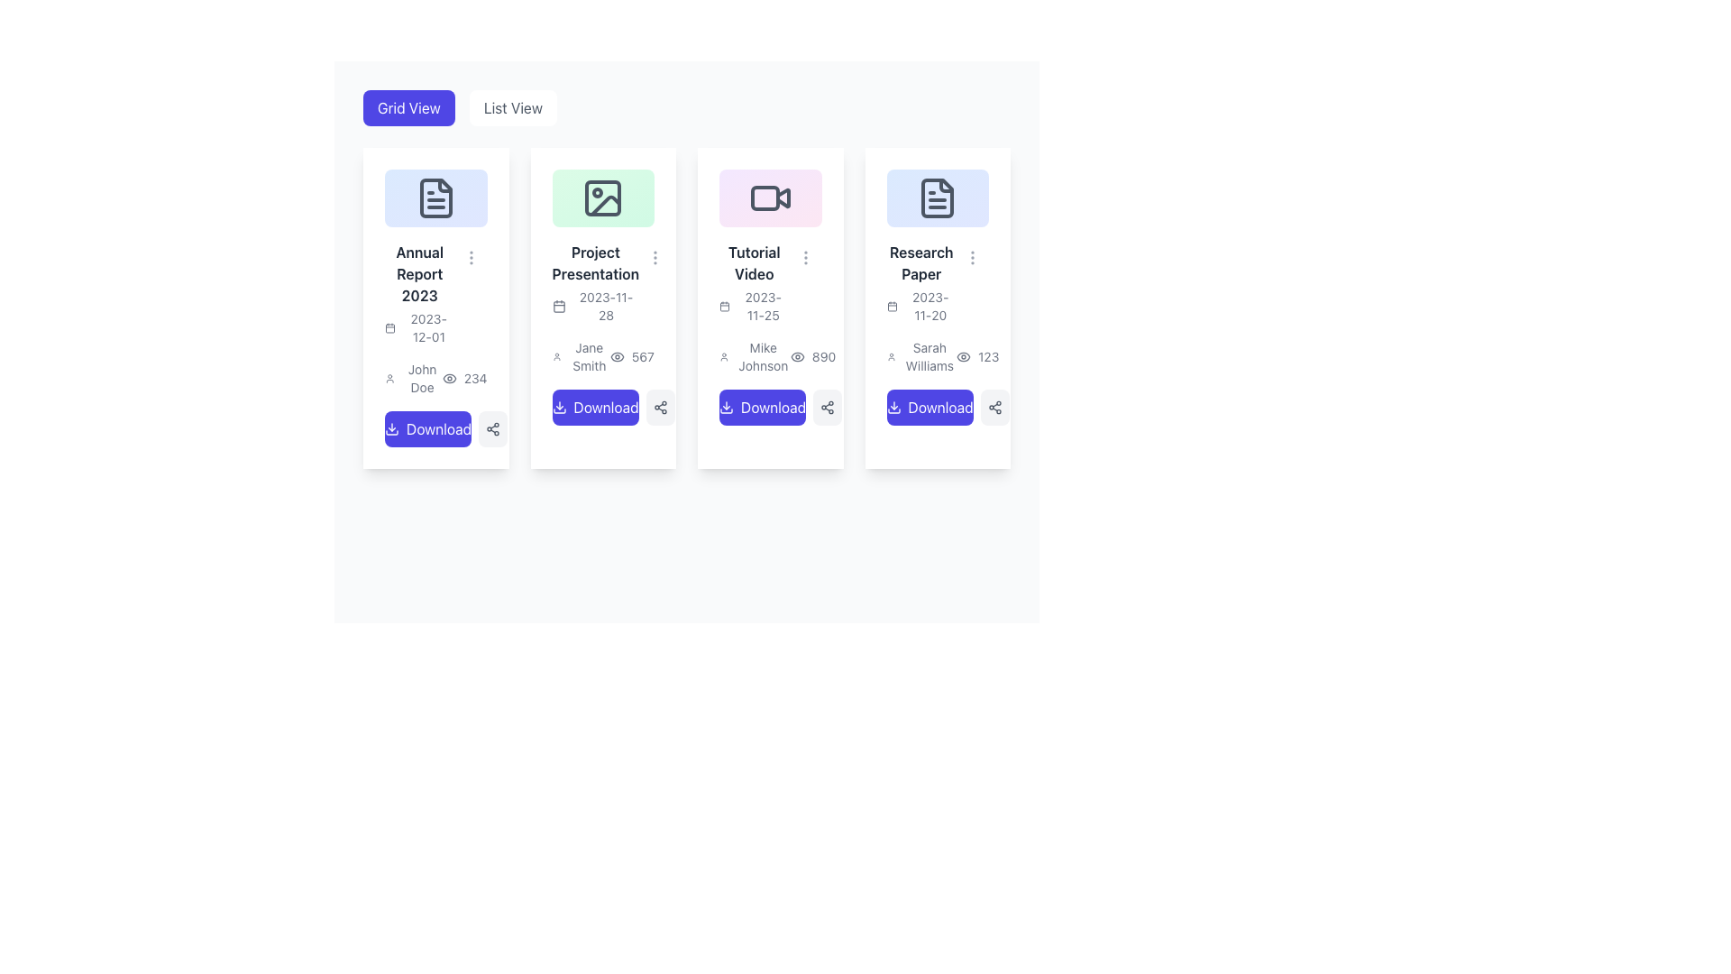 This screenshot has height=974, width=1731. What do you see at coordinates (475, 377) in the screenshot?
I see `the static text label displaying the number '234' located next to the eye icon in the 'Annual Report 2023' section` at bounding box center [475, 377].